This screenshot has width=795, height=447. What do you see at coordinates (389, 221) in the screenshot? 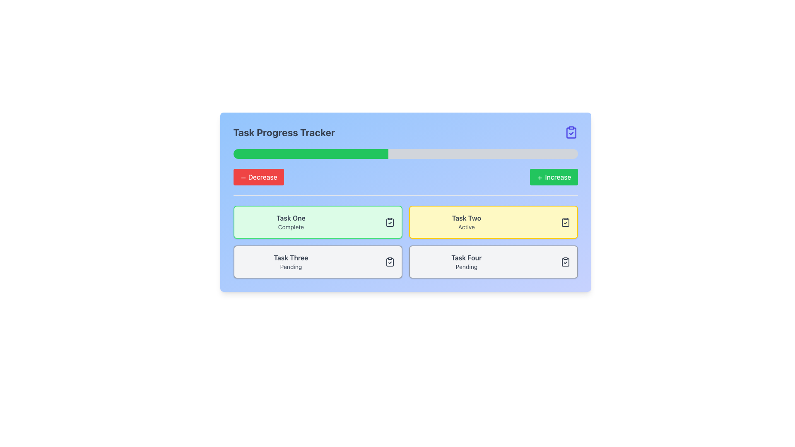
I see `the 'Complete' status icon for 'Task One', which indicates task completion and is located at the rightmost part of the task progress tracker` at bounding box center [389, 221].